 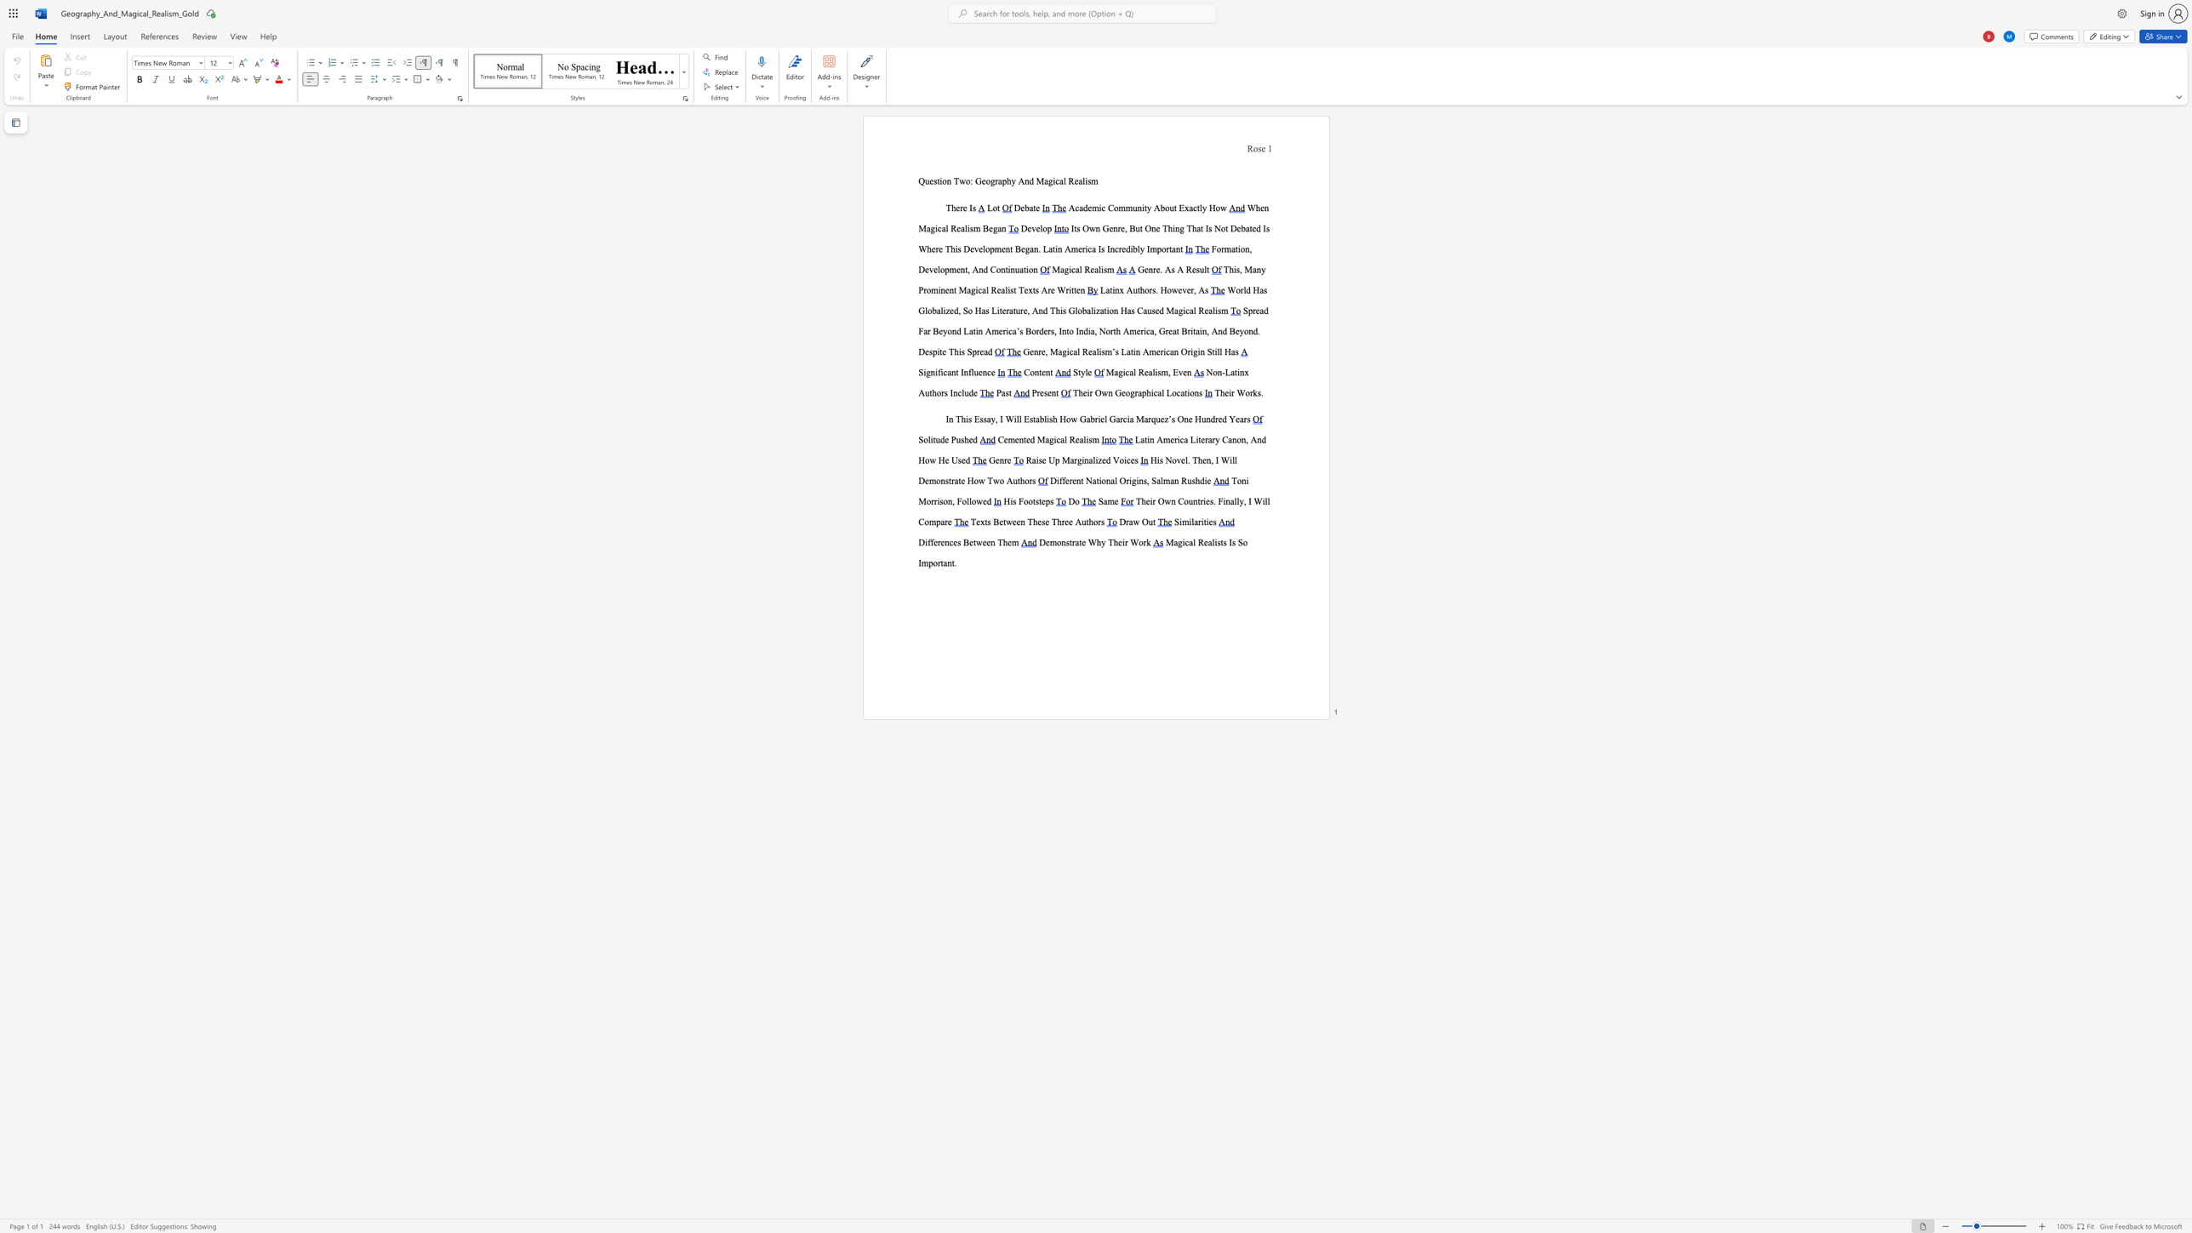 I want to click on the subset text "alism’s Latin American Origin Sti" within the text "Genre, Magical Realism’s Latin American Origin Still Has", so click(x=1092, y=351).